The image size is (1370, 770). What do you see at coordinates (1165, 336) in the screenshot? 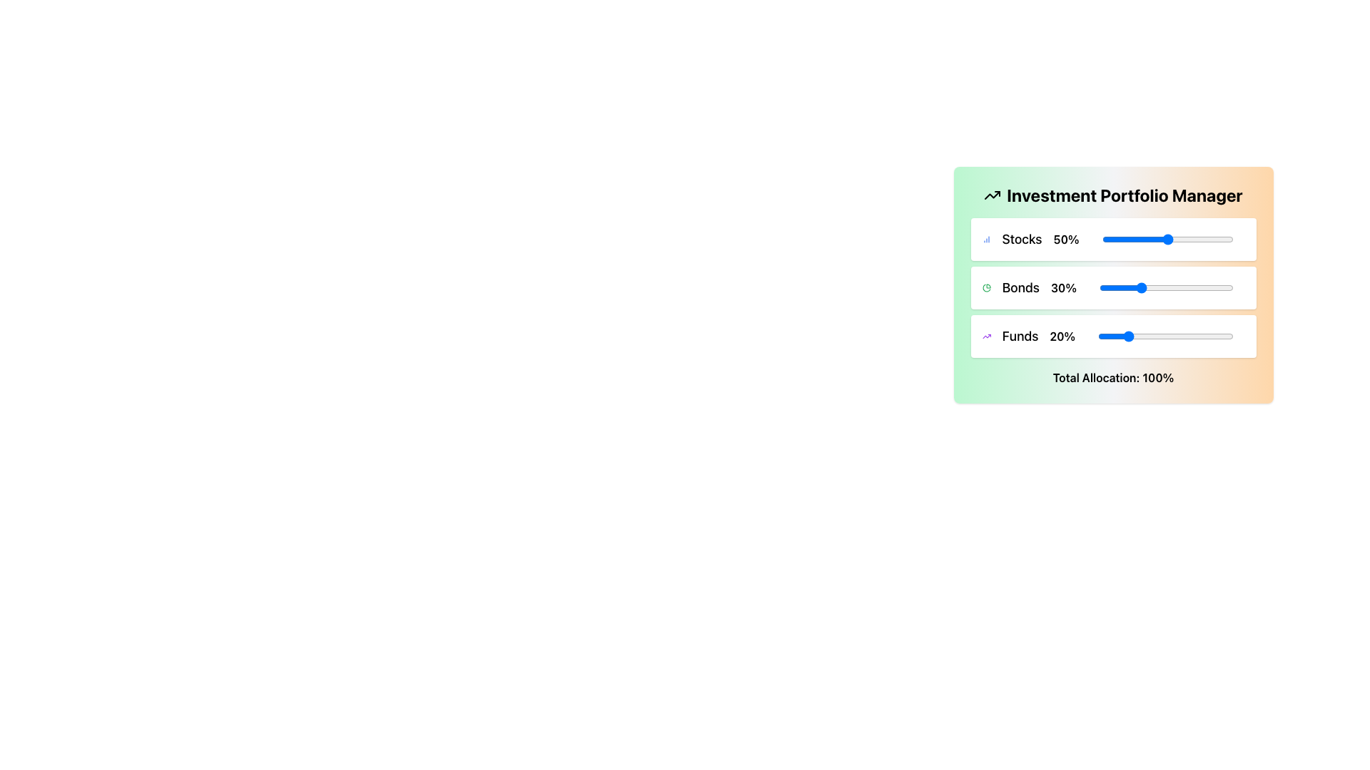
I see `the handle of the range slider located in the 'Funds 20%' row of the Investment Portfolio Manager` at bounding box center [1165, 336].